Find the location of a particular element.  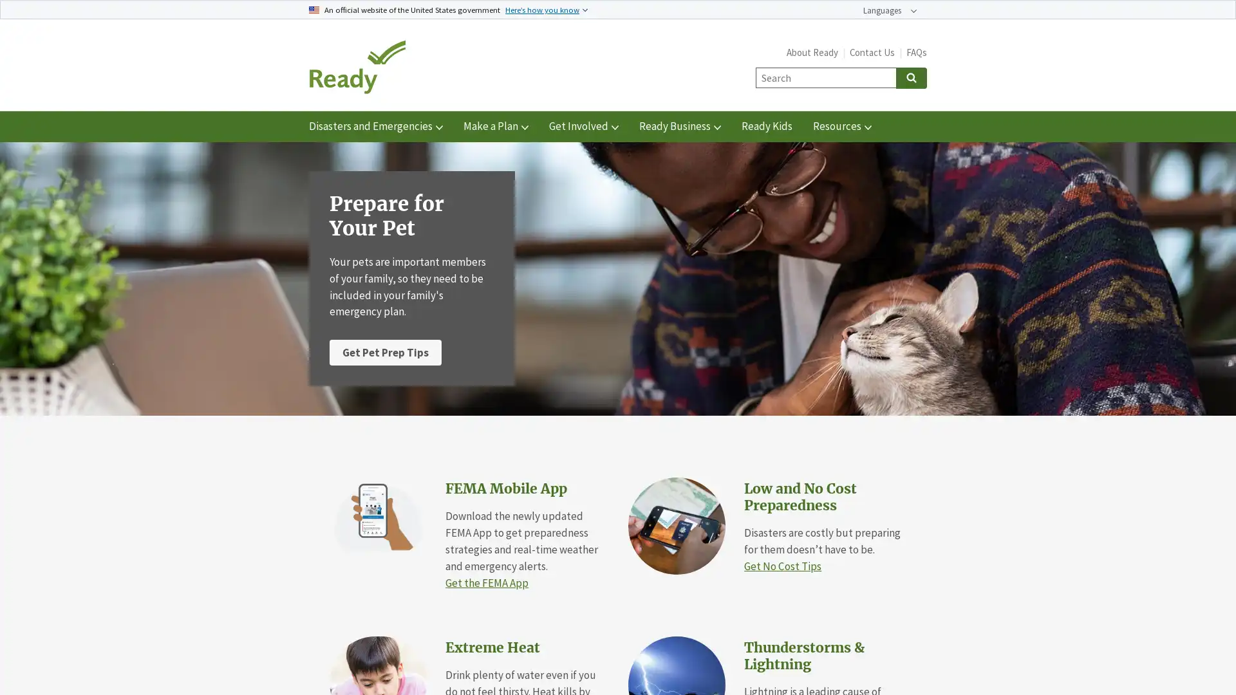

Make a Plan is located at coordinates (495, 126).